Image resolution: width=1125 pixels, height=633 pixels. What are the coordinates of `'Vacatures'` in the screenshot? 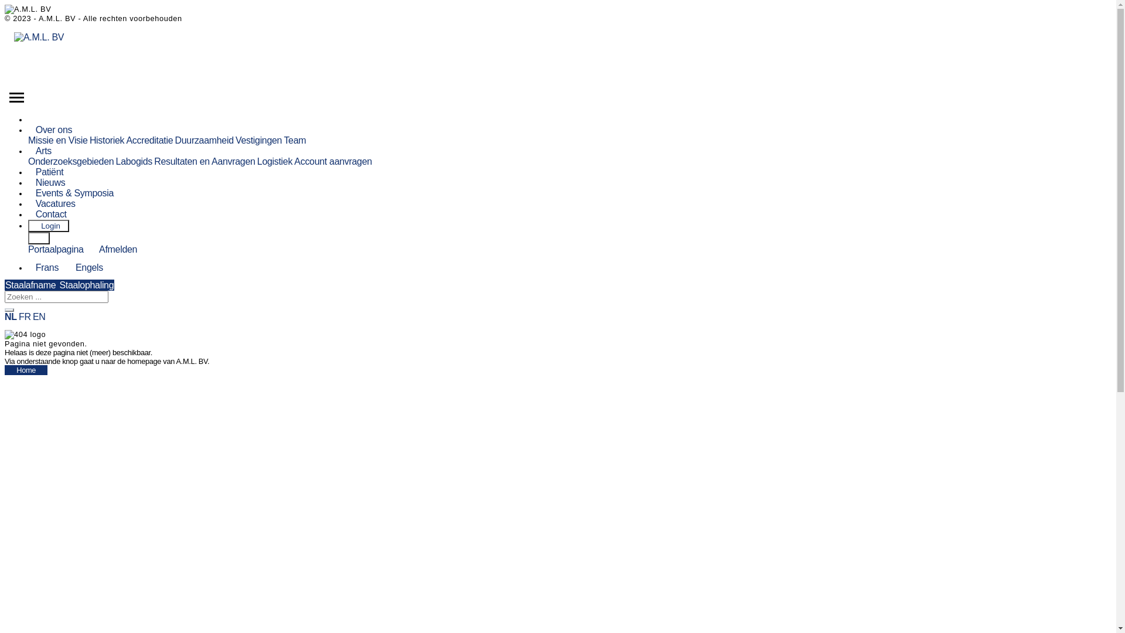 It's located at (55, 203).